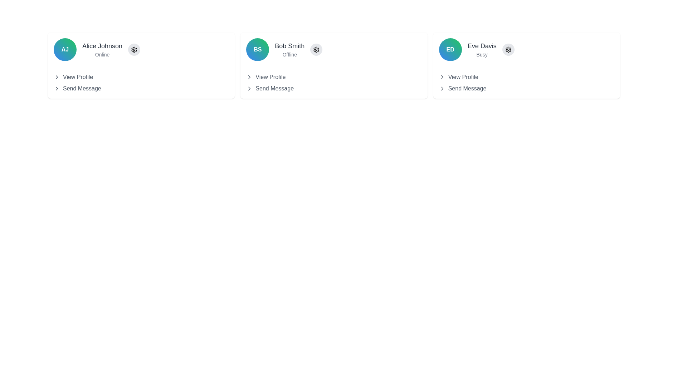 This screenshot has height=386, width=687. What do you see at coordinates (249, 88) in the screenshot?
I see `the right-facing chevron arrow icon indicating navigation, located in the 'Send Message' button area for the Bob Smith profile card` at bounding box center [249, 88].